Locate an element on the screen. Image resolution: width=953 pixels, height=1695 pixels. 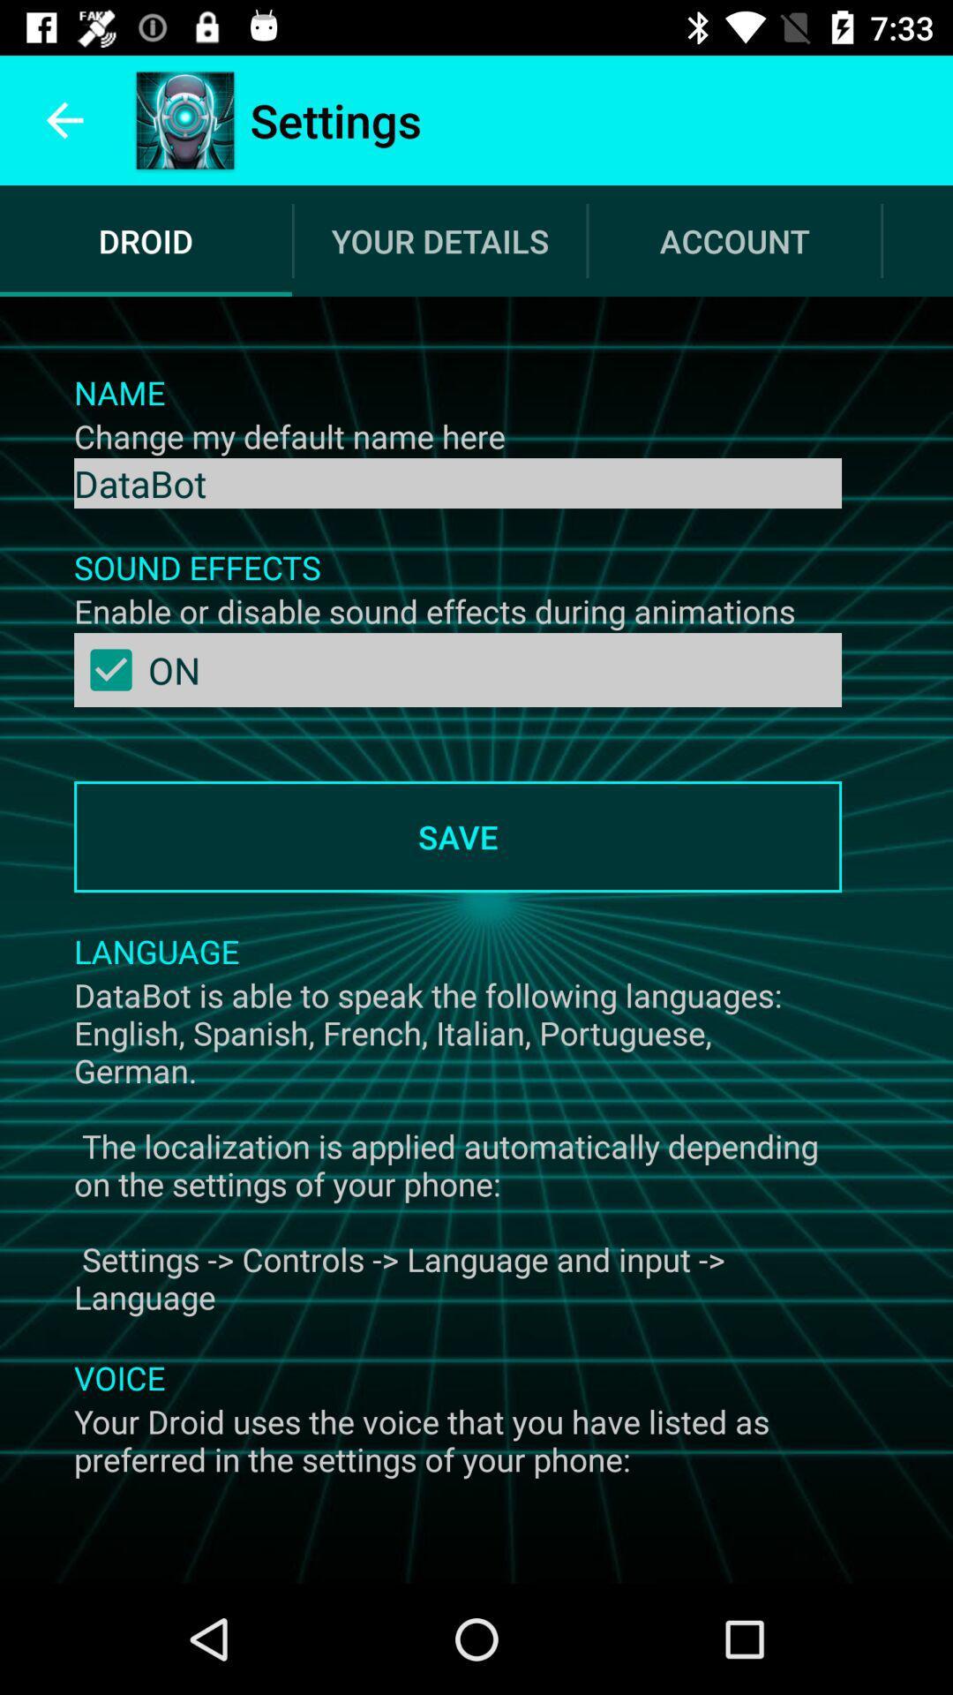
the icon below the on is located at coordinates (457, 836).